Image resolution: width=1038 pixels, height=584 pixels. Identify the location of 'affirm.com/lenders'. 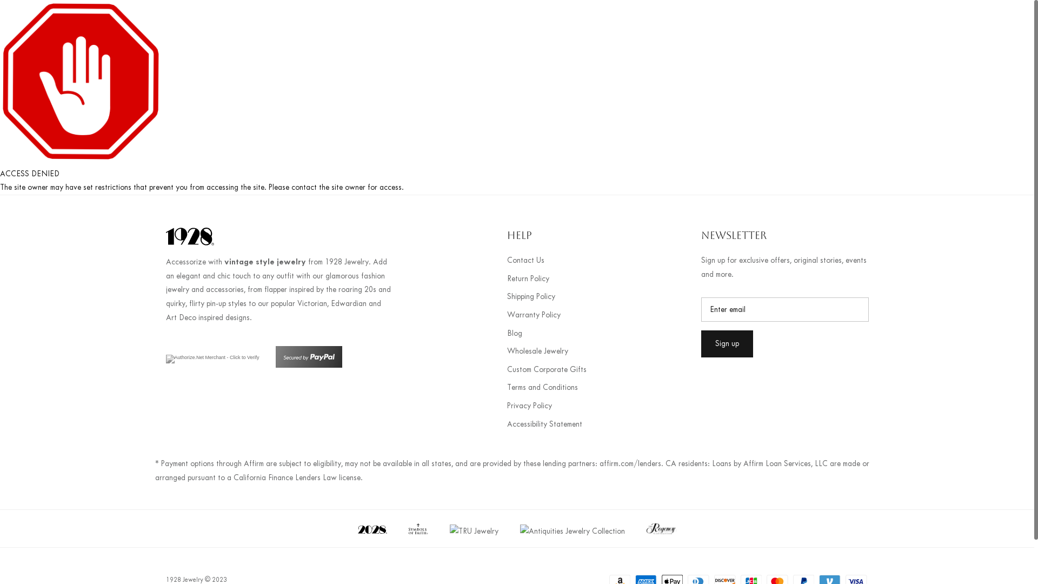
(630, 463).